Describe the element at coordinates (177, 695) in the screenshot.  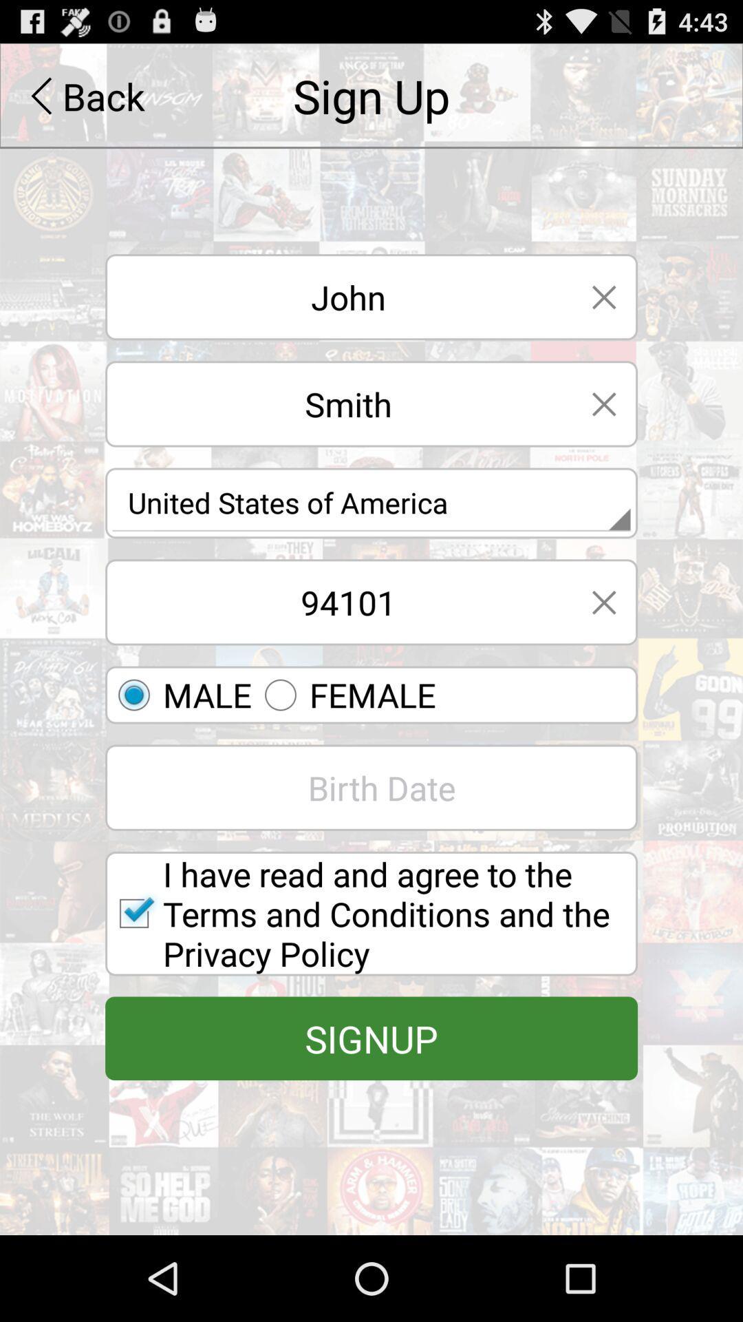
I see `the first option for gender which is above the birth date` at that location.